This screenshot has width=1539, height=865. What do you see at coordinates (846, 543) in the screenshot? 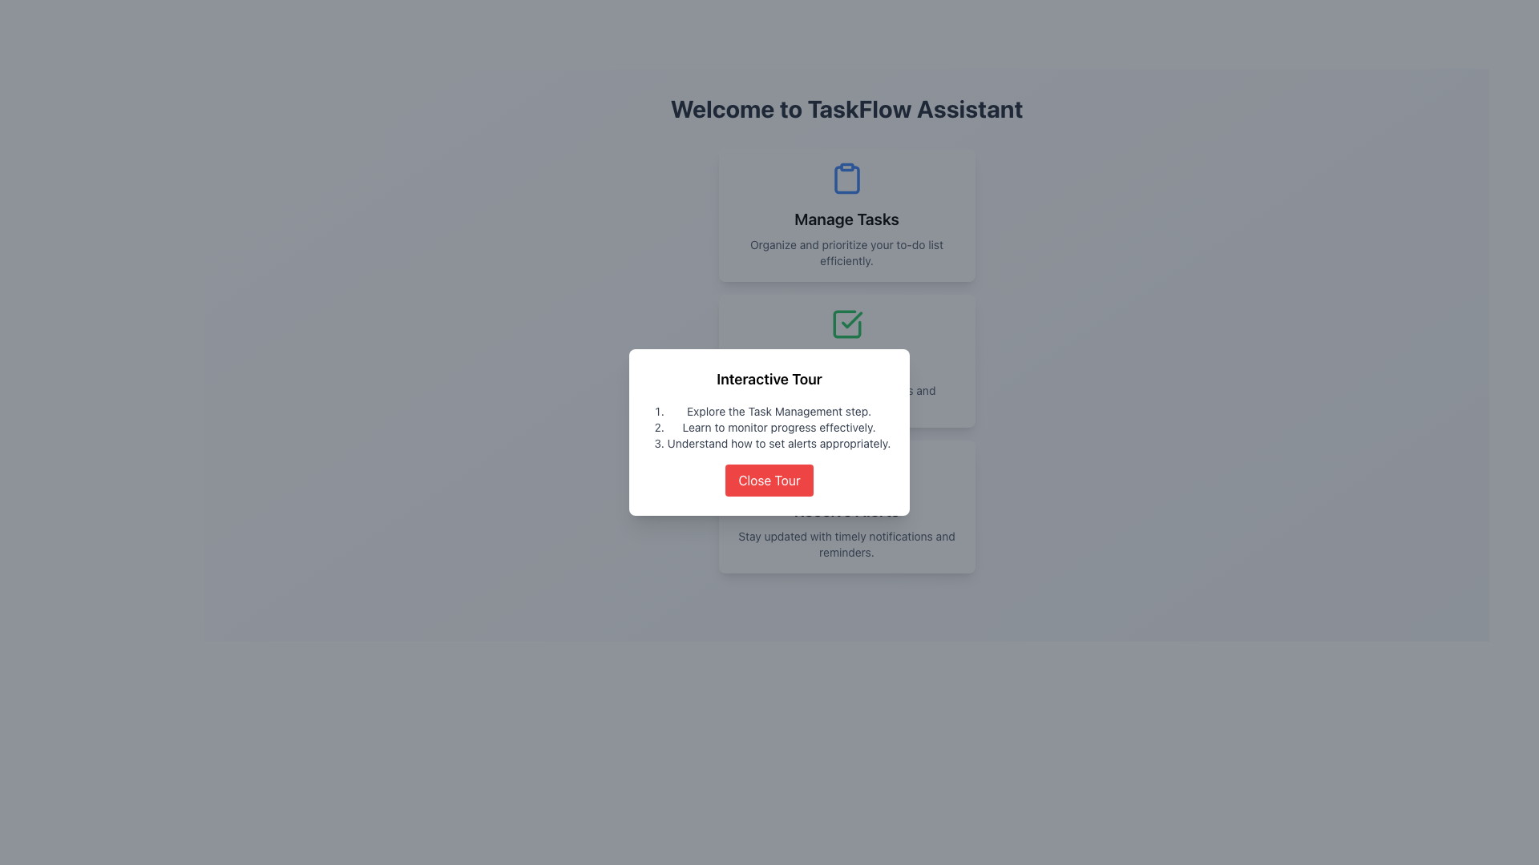
I see `the static text that reads 'Stay updated with timely notifications and reminders.' positioned centrally below the title 'Receive Alerts.'` at bounding box center [846, 543].